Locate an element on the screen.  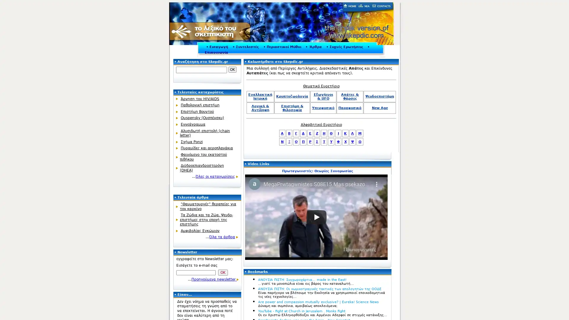
OK is located at coordinates (232, 69).